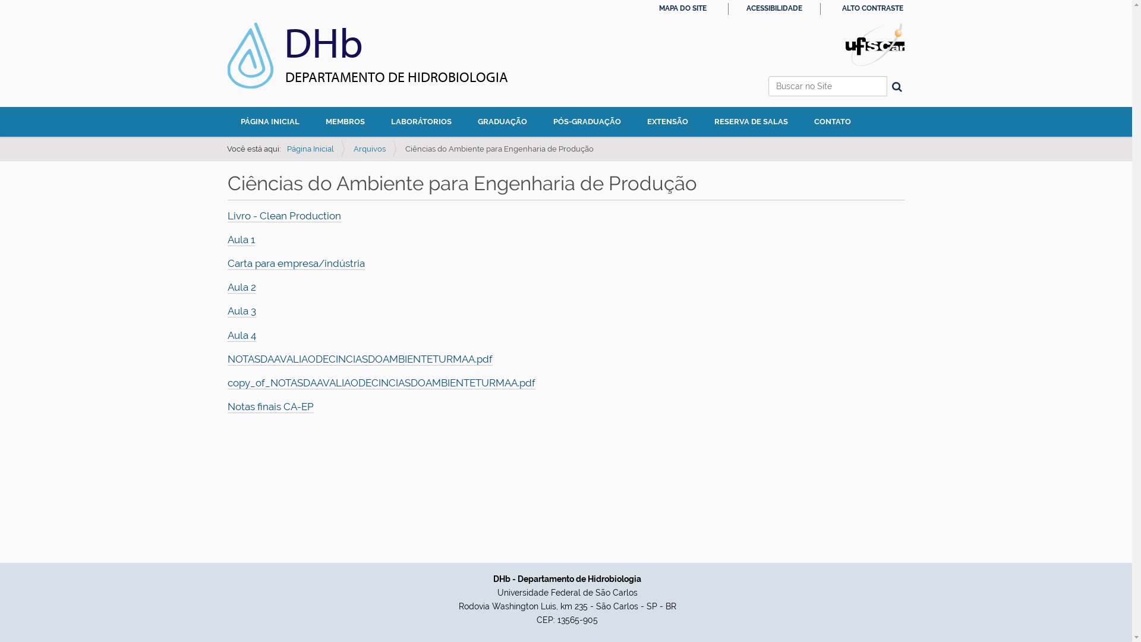 This screenshot has height=642, width=1141. What do you see at coordinates (381, 383) in the screenshot?
I see `'copy_of_NOTASDAAVALIAODECINCIASDOAMBIENTETURMAA.pdf'` at bounding box center [381, 383].